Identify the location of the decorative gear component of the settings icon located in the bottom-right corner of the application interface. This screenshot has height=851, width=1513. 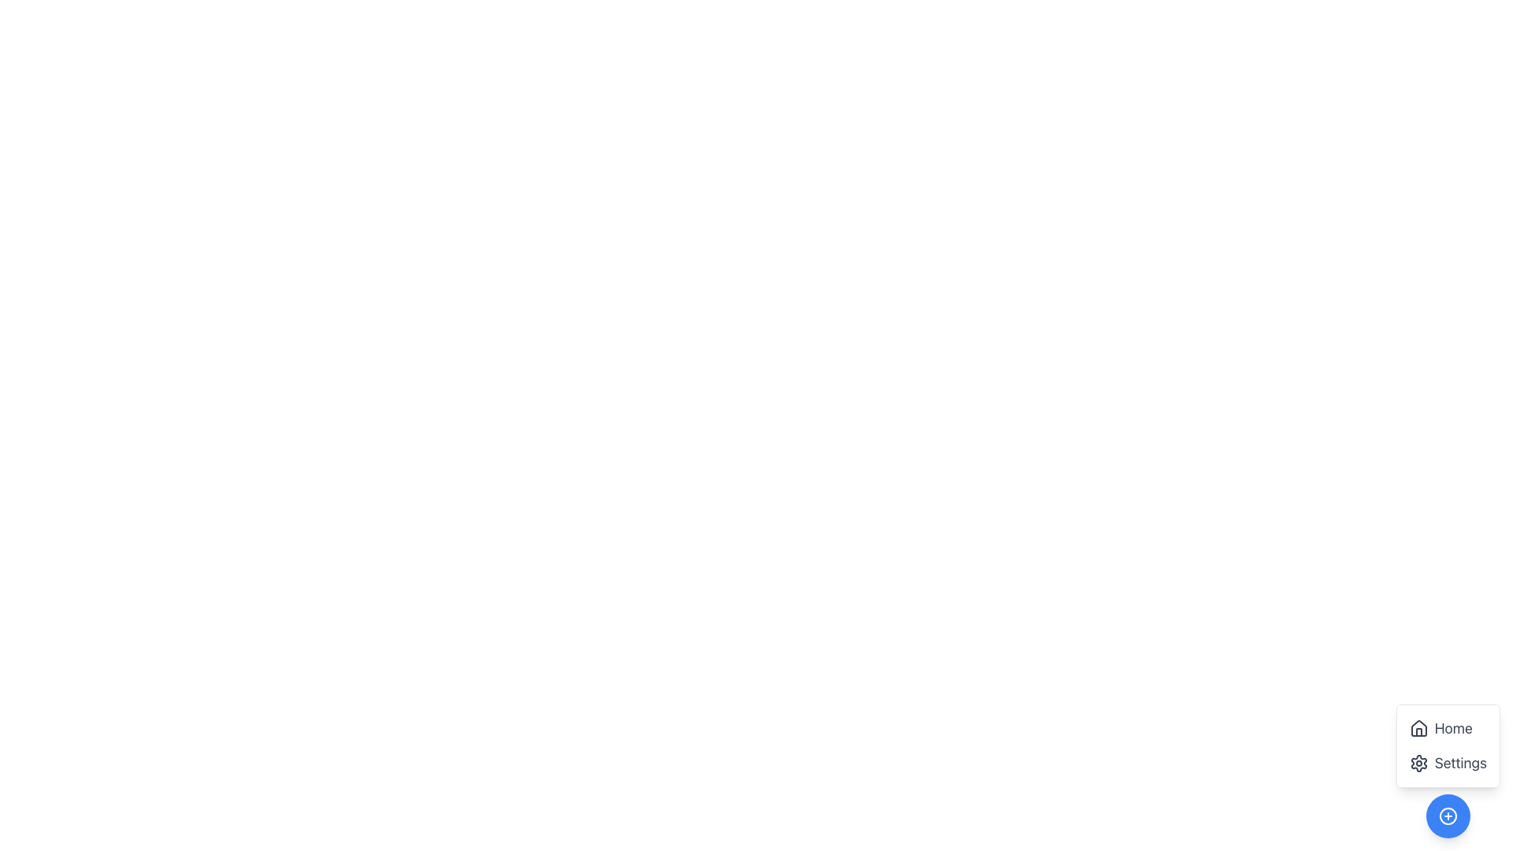
(1418, 762).